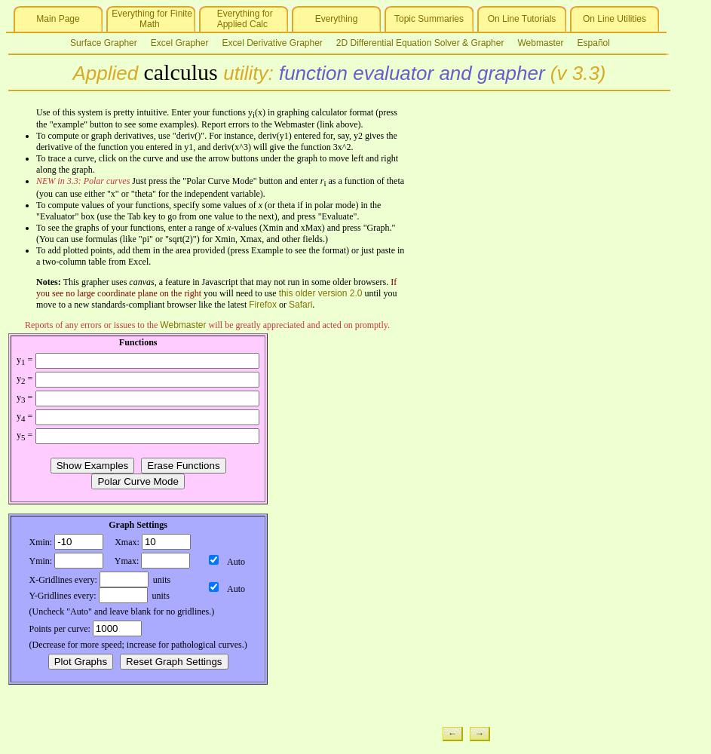 The width and height of the screenshot is (711, 754). What do you see at coordinates (143, 112) in the screenshot?
I see `'Use of this system is pretty intuitive. Enter your functions y'` at bounding box center [143, 112].